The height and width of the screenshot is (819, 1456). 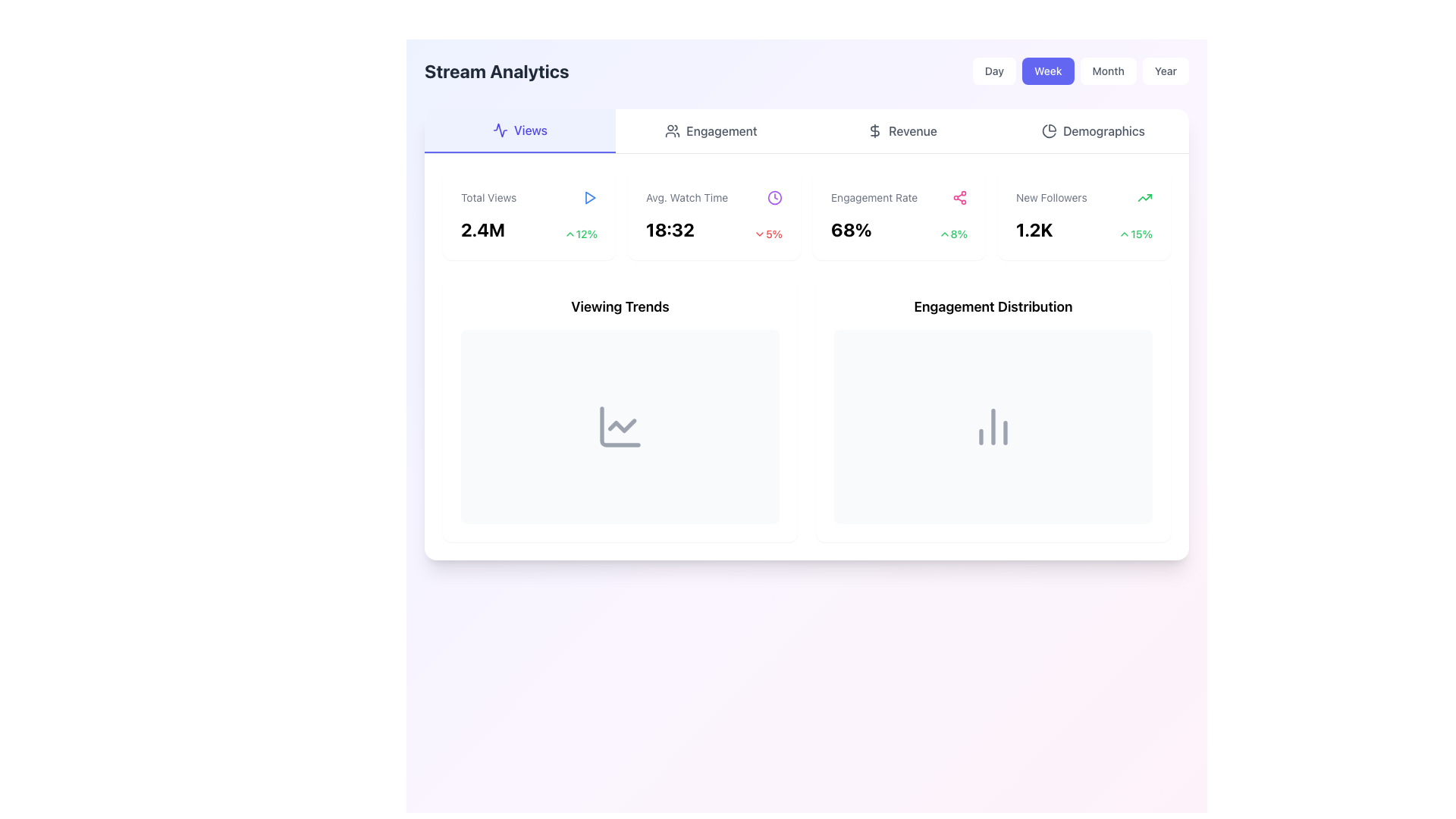 What do you see at coordinates (482, 230) in the screenshot?
I see `the Text label displaying '2.4M', which represents the total views metric and is located at the top-left corner of the interface under the 'Total Views' heading` at bounding box center [482, 230].